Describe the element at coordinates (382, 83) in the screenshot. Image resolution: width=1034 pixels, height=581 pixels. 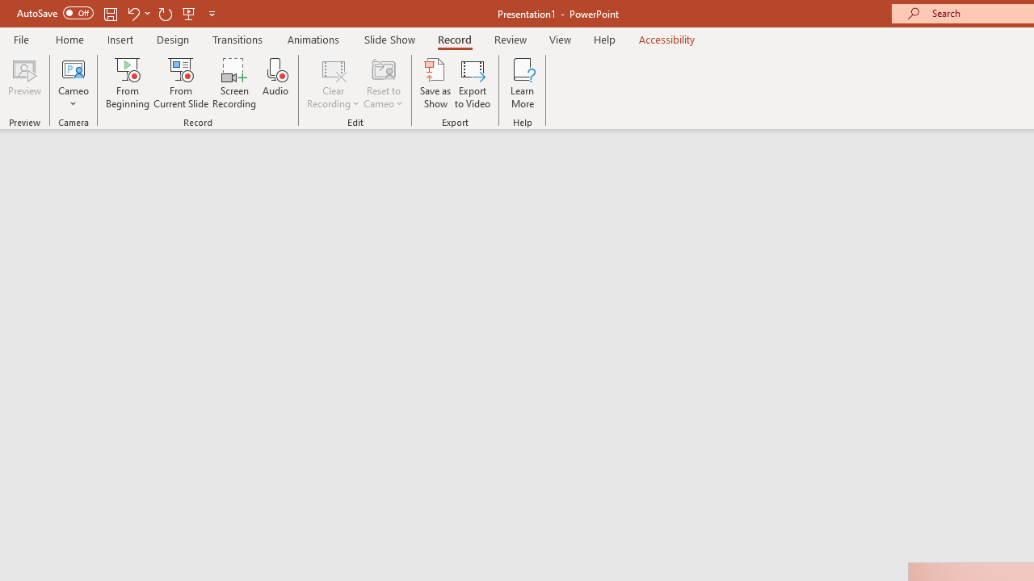
I see `'Reset to Cameo'` at that location.